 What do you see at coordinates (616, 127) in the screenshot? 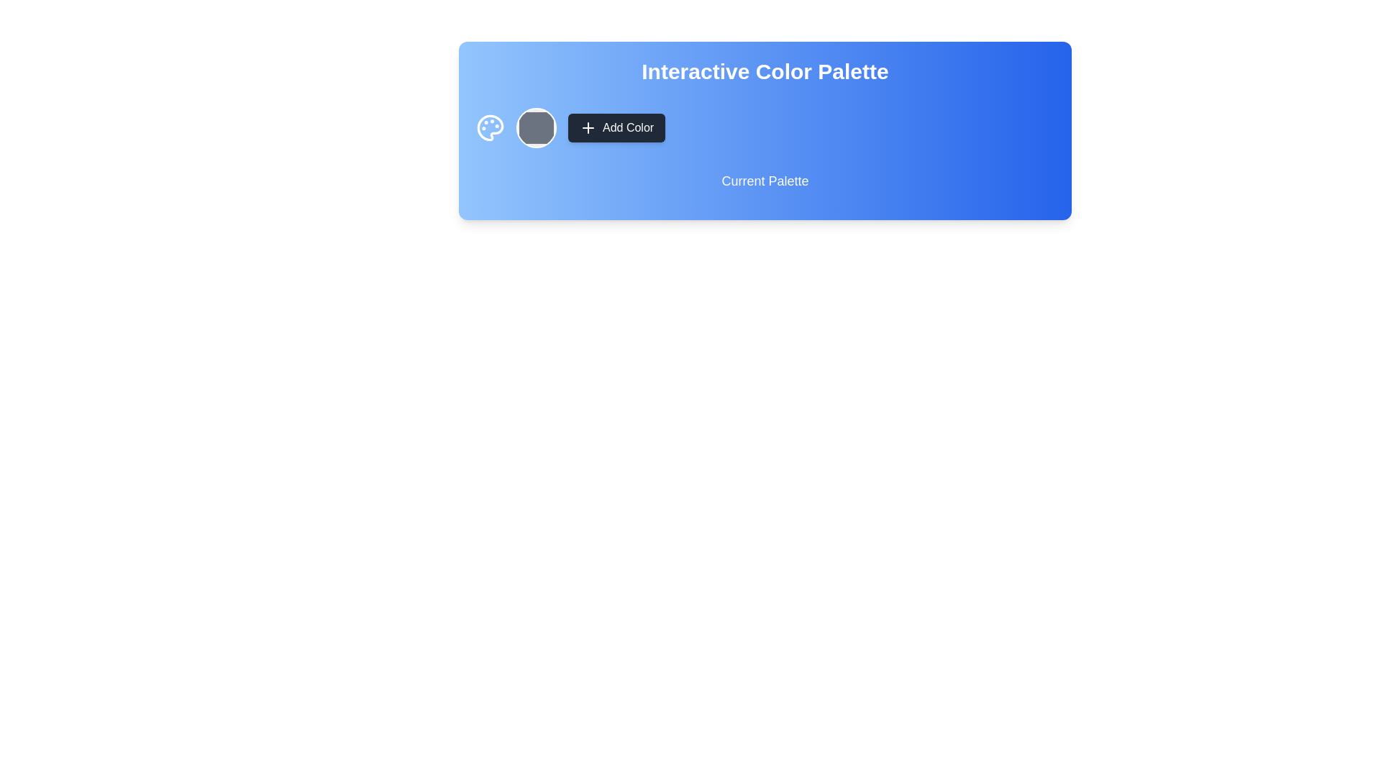
I see `the 'Add Color' button, which is a rectangular button with a dark gray background and white text` at bounding box center [616, 127].